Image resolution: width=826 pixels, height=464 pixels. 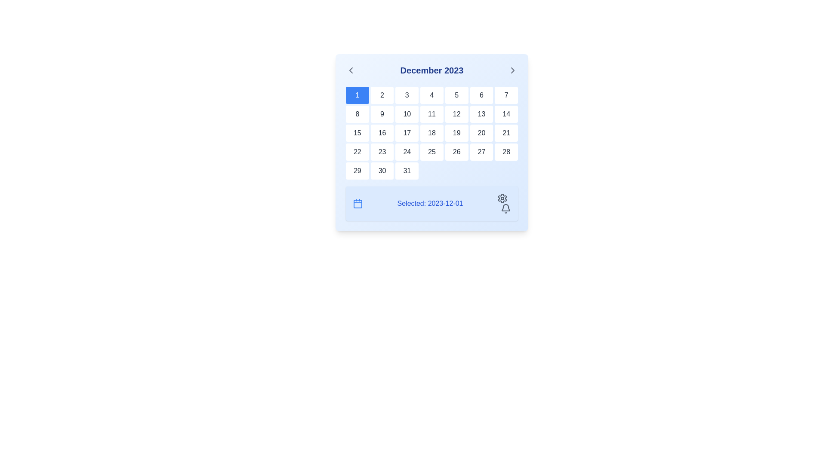 What do you see at coordinates (382, 171) in the screenshot?
I see `the Interactive calendar day cell located in the sixth row and second column of the calendar grid` at bounding box center [382, 171].